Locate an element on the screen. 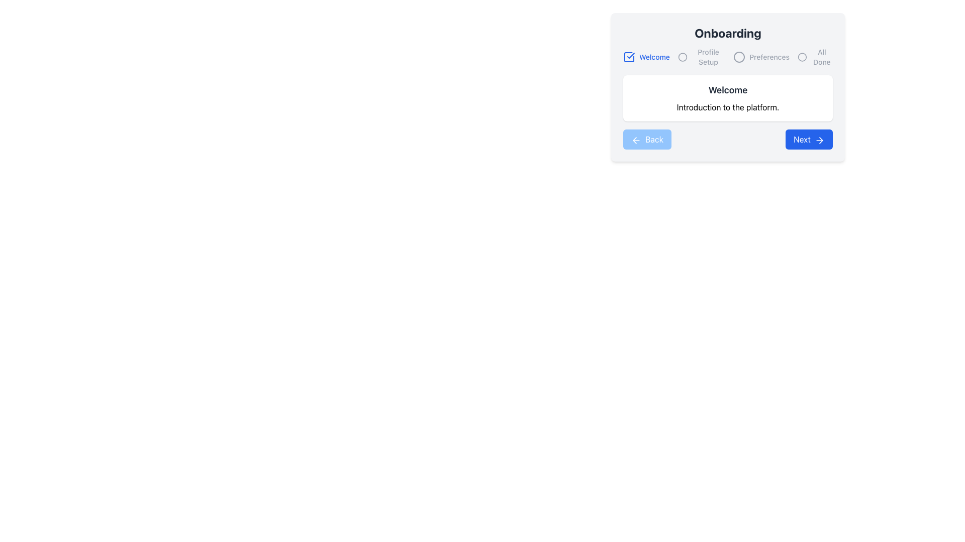  the static indicator component labeled 'Profile Setup' which consists of a gray circular icon and smaller gray text, positioned as the second item in a horizontal navigation bar is located at coordinates (701, 57).